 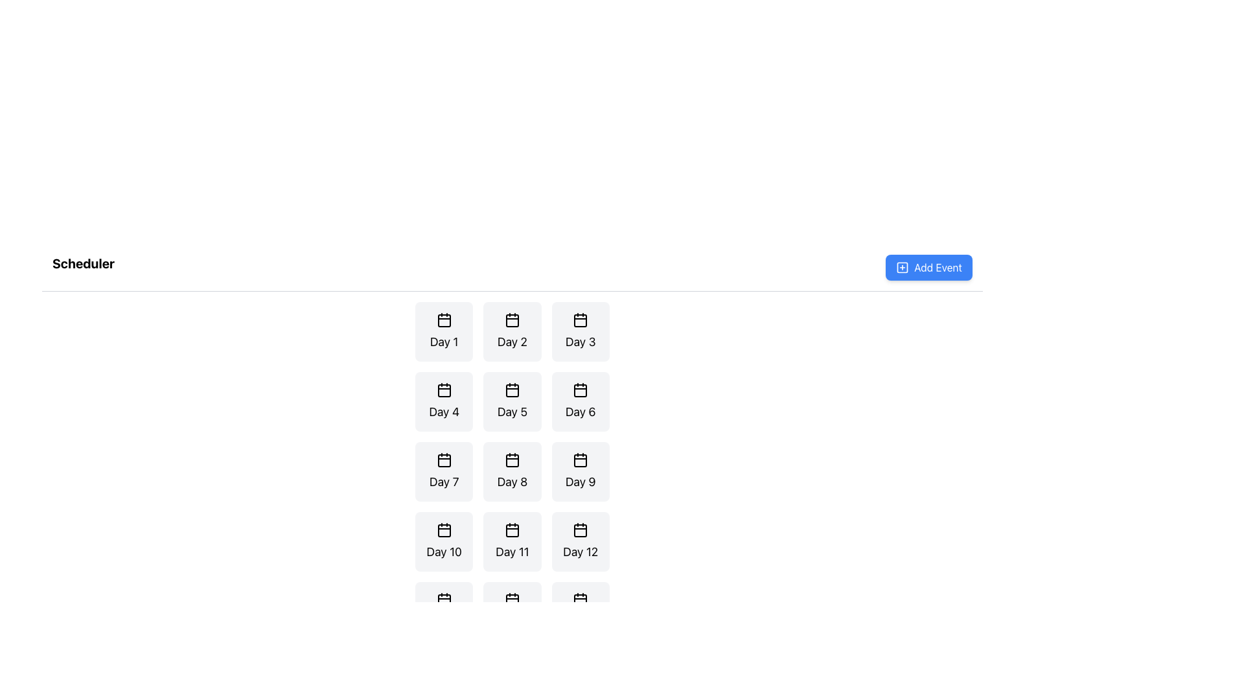 I want to click on the blue square icon with a plus sign, which is the leftmost component of the 'Add Event' button, located slightly to the left of the 'Add Event' text label, so click(x=902, y=266).